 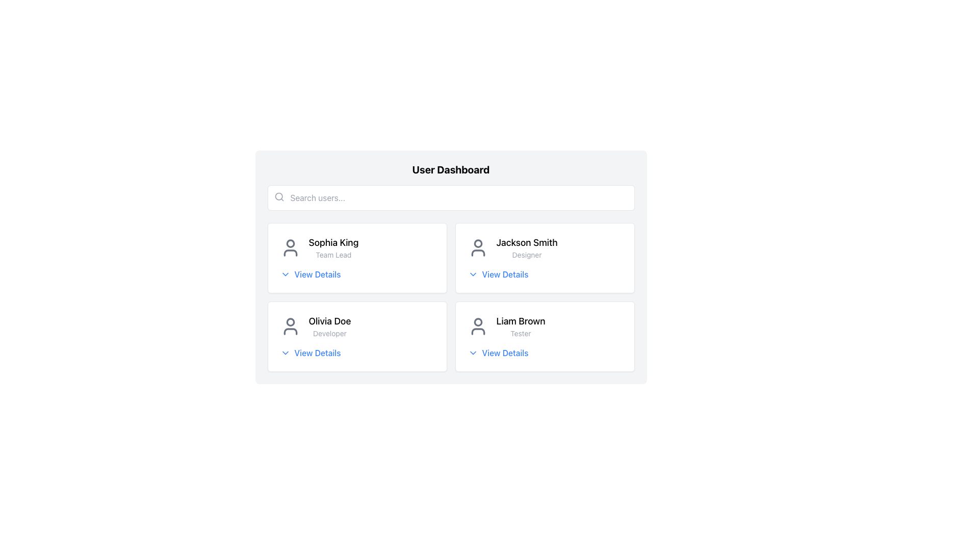 What do you see at coordinates (521, 327) in the screenshot?
I see `the Text Display element that shows the name and role of the user in the fourth user card located in the bottom-right corner of the dashboard` at bounding box center [521, 327].